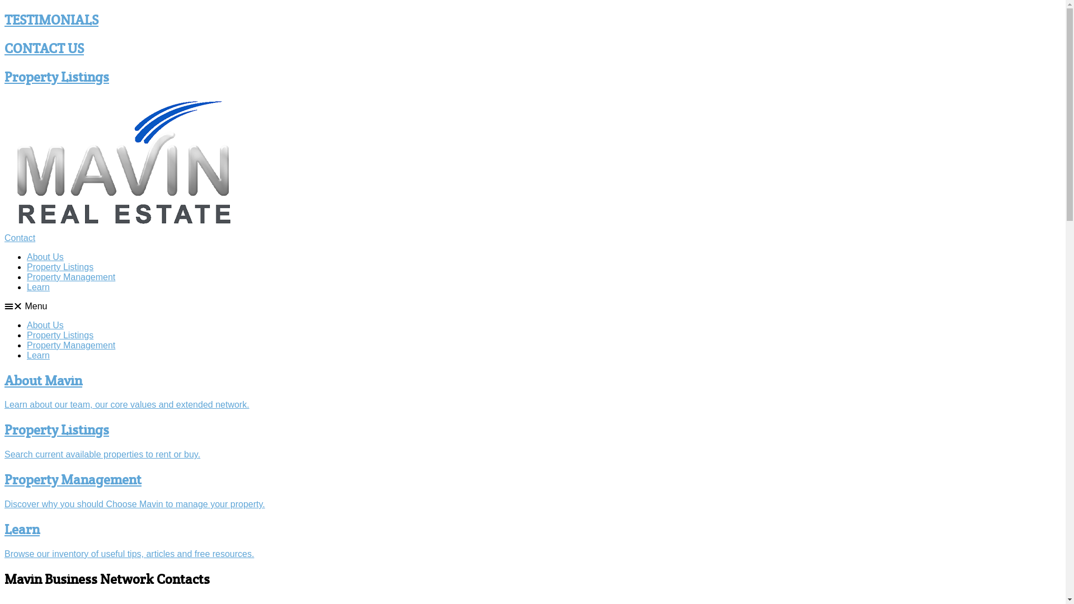  Describe the element at coordinates (4, 20) in the screenshot. I see `'TESTIMONIALS'` at that location.